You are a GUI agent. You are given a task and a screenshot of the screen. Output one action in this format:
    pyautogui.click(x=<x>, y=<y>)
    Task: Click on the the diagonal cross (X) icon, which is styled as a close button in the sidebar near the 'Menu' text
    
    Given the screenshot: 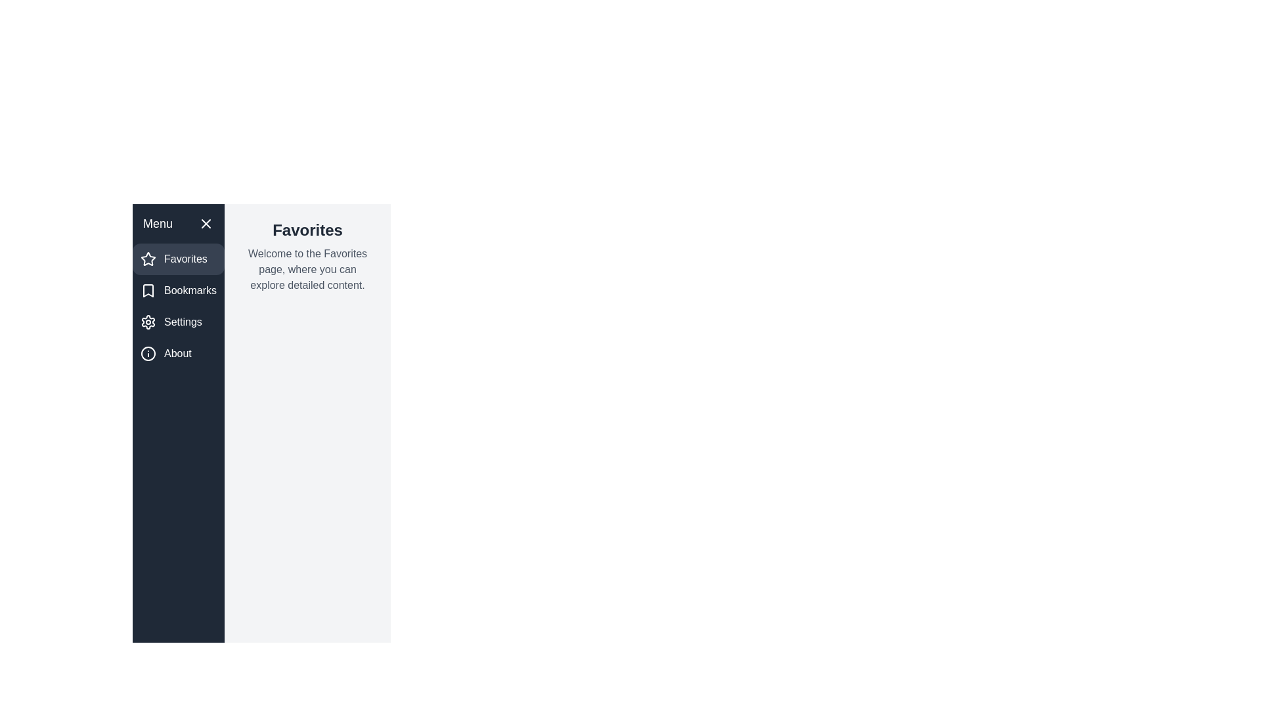 What is the action you would take?
    pyautogui.click(x=206, y=223)
    